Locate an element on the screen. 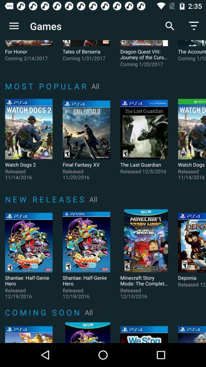 This screenshot has height=367, width=206. icon to the left of the all item is located at coordinates (46, 199).